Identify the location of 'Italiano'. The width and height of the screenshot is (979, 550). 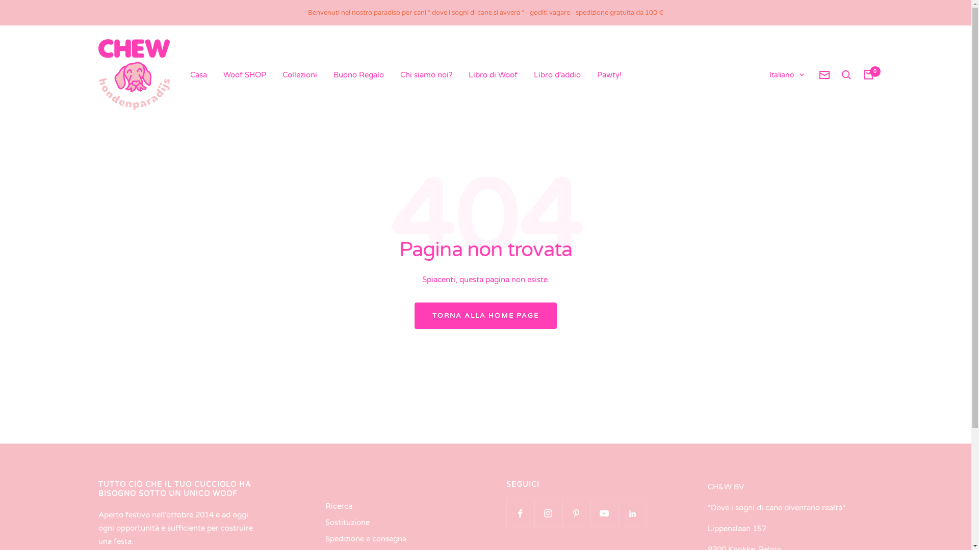
(785, 74).